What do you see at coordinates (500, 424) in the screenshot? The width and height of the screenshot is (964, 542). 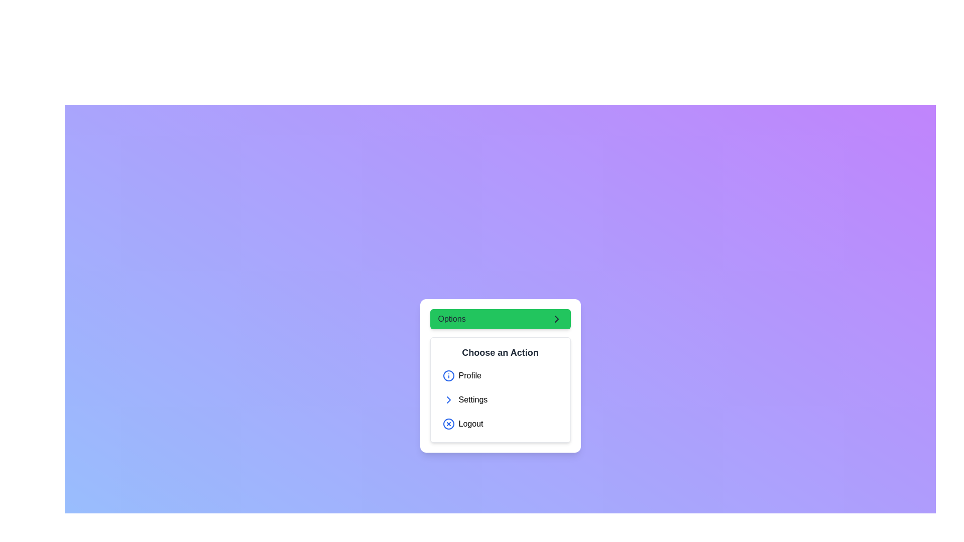 I see `the 'Logout' button located below the 'Settings' button in the white card area titled 'Choose an Action'` at bounding box center [500, 424].